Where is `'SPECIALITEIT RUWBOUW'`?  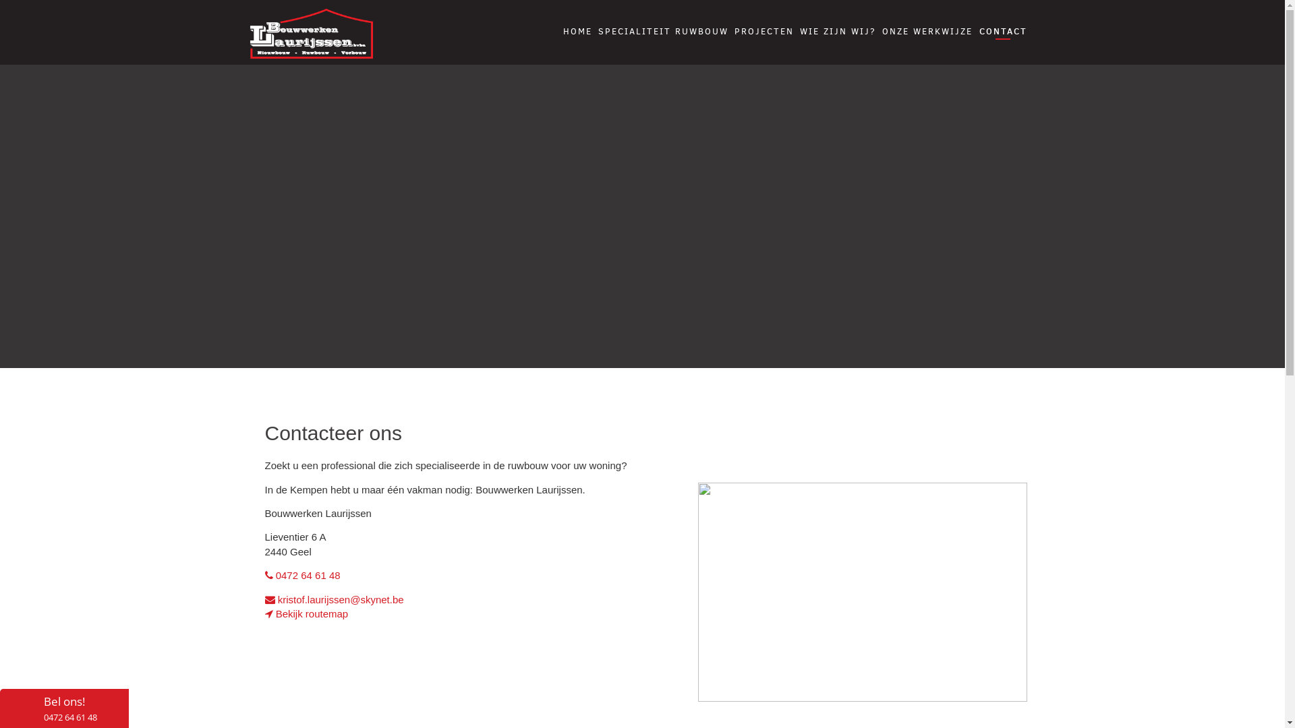 'SPECIALITEIT RUWBOUW' is located at coordinates (663, 30).